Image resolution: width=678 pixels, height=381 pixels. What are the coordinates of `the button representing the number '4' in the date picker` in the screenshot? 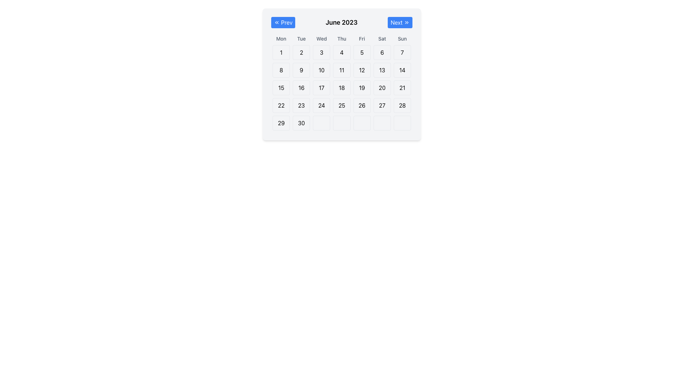 It's located at (342, 52).